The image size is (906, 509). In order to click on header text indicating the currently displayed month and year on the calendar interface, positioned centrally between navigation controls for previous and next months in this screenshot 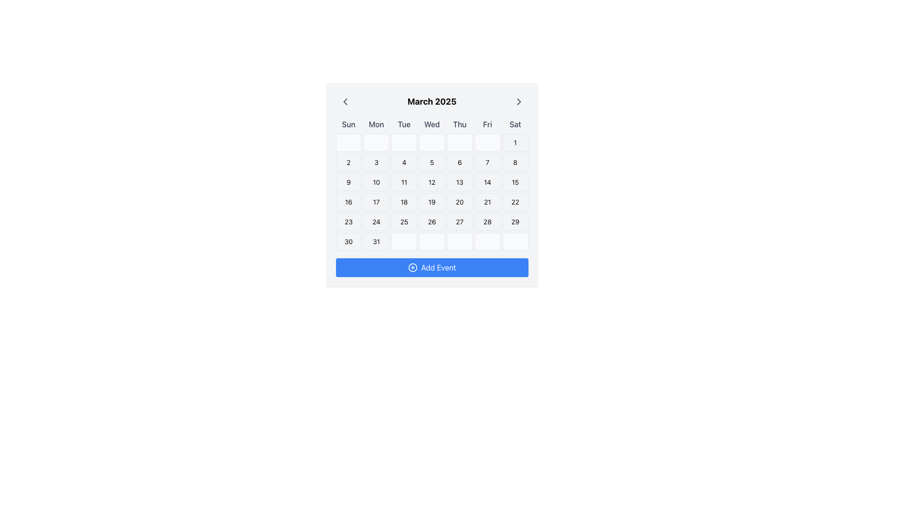, I will do `click(431, 102)`.